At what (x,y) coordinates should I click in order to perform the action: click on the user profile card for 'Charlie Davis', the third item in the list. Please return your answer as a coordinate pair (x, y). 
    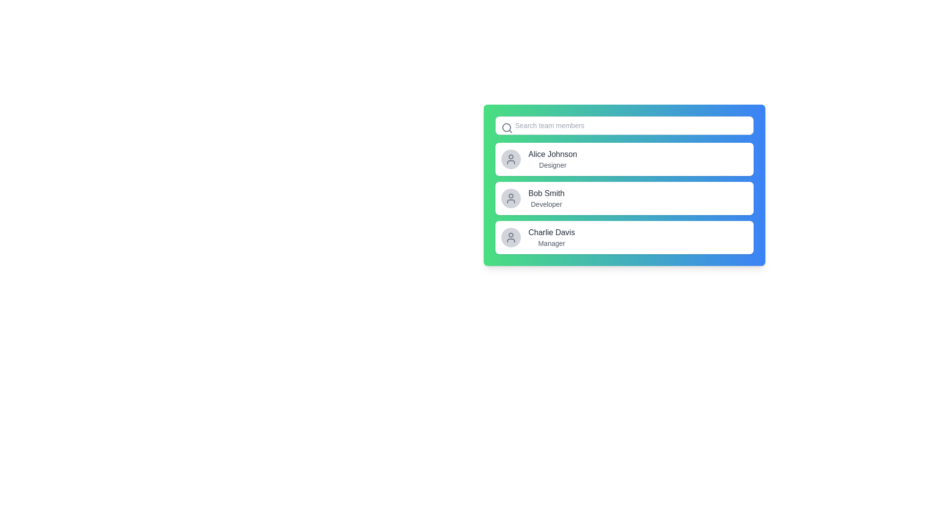
    Looking at the image, I should click on (624, 238).